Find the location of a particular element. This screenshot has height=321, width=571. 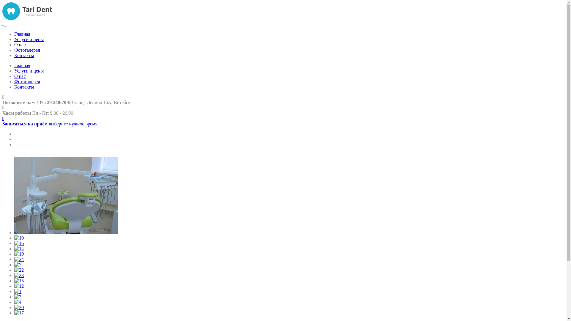

'1' is located at coordinates (14, 291).